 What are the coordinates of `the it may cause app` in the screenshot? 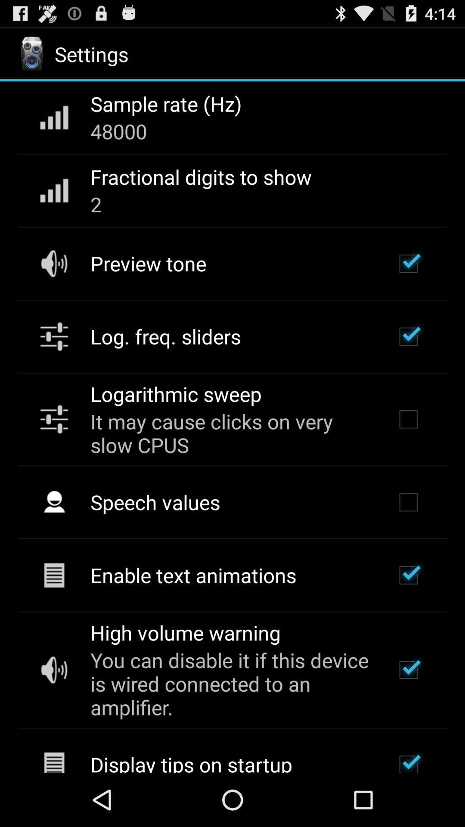 It's located at (231, 433).